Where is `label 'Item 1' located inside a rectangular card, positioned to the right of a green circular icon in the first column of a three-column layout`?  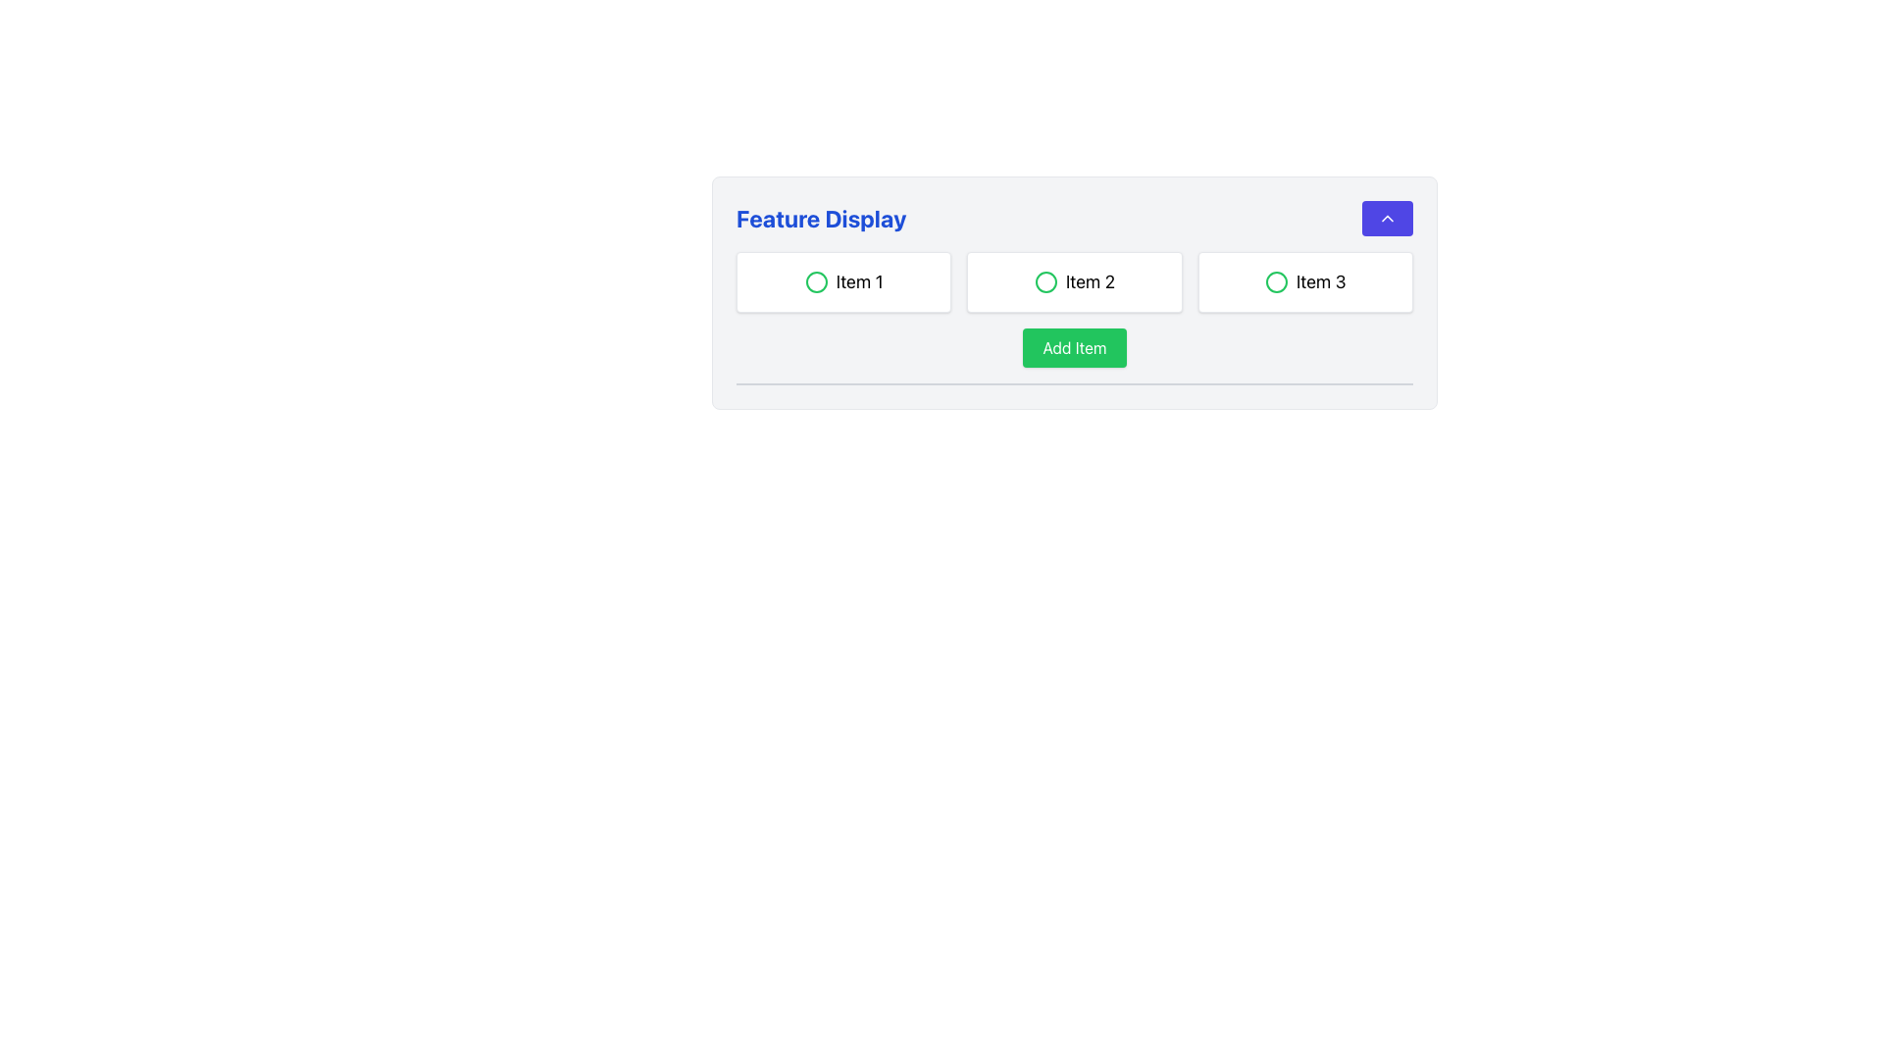 label 'Item 1' located inside a rectangular card, positioned to the right of a green circular icon in the first column of a three-column layout is located at coordinates (859, 282).